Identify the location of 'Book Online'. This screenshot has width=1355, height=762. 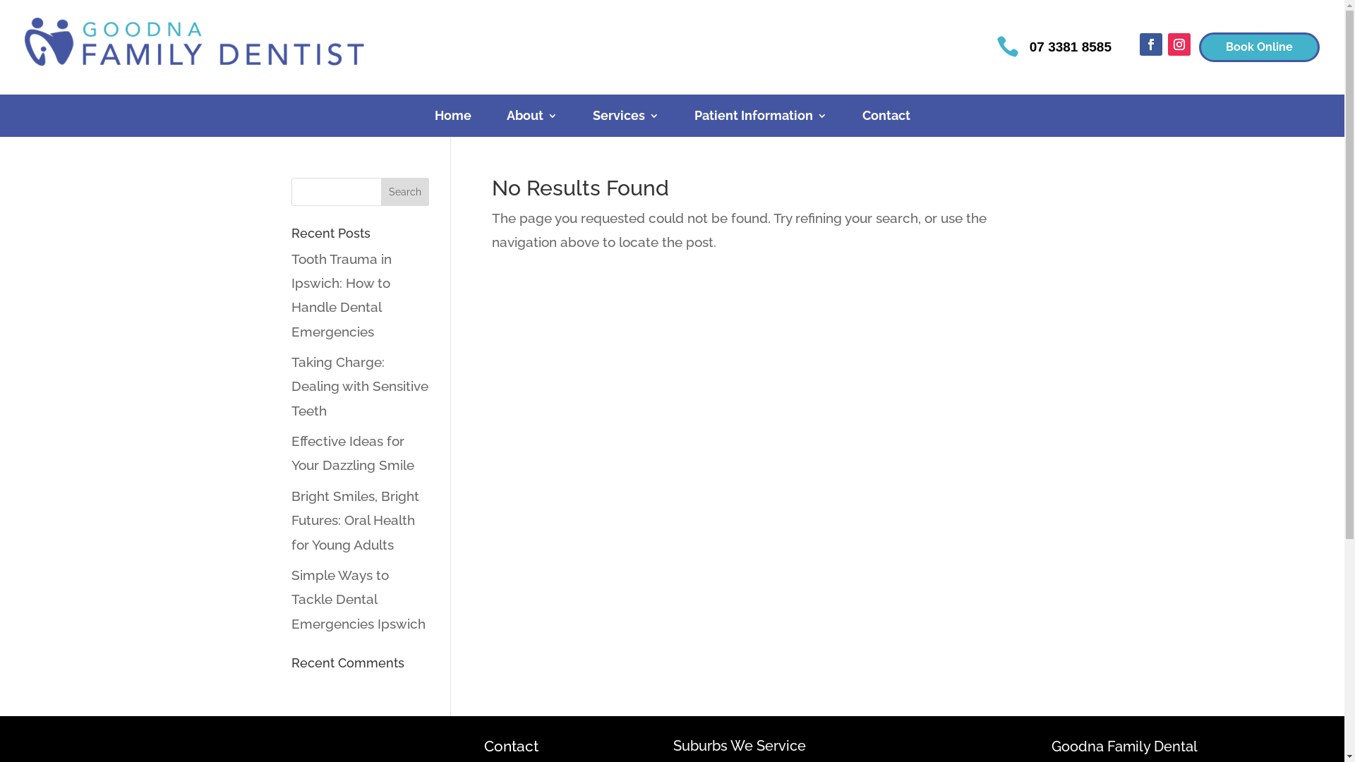
(1259, 47).